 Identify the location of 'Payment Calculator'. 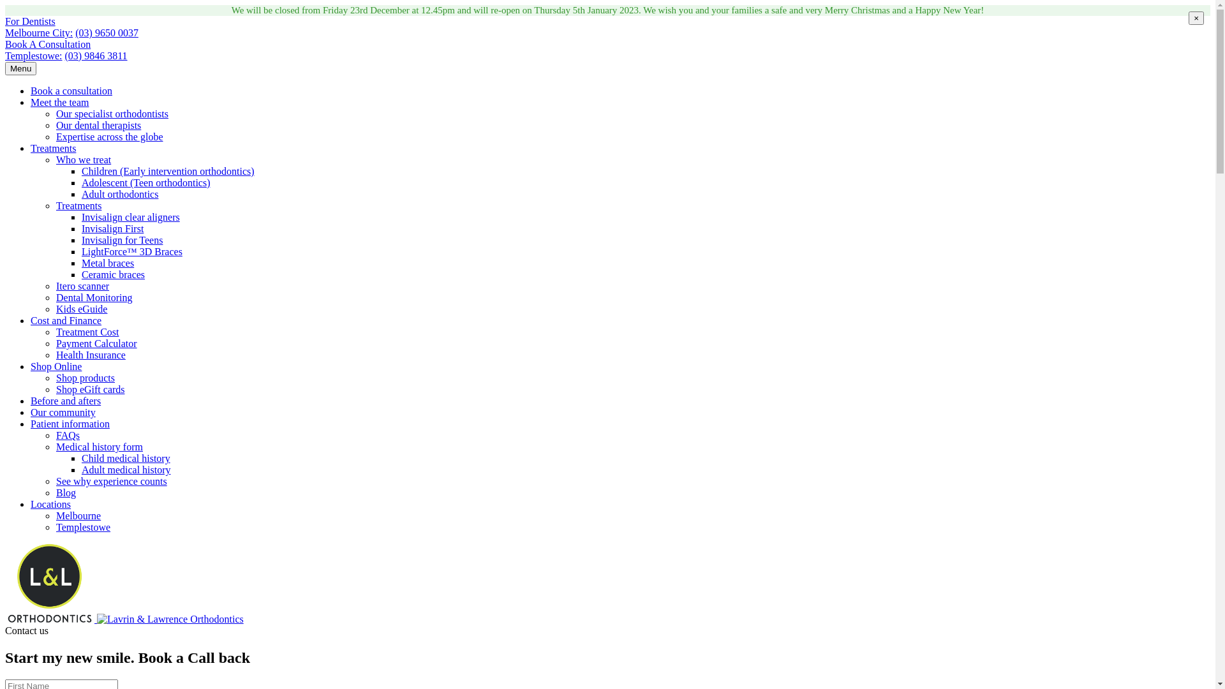
(96, 343).